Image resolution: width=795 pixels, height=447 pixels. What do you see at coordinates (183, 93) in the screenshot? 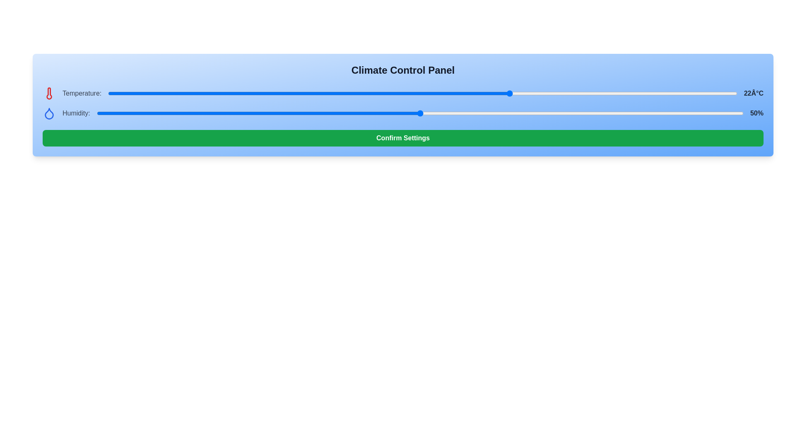
I see `the temperature slider to -4 degrees Celsius` at bounding box center [183, 93].